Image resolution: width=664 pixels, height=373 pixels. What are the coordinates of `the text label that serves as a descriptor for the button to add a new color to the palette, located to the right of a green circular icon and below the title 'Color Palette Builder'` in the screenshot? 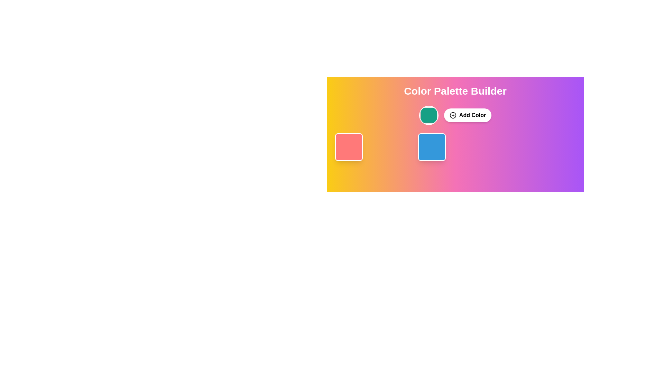 It's located at (472, 115).